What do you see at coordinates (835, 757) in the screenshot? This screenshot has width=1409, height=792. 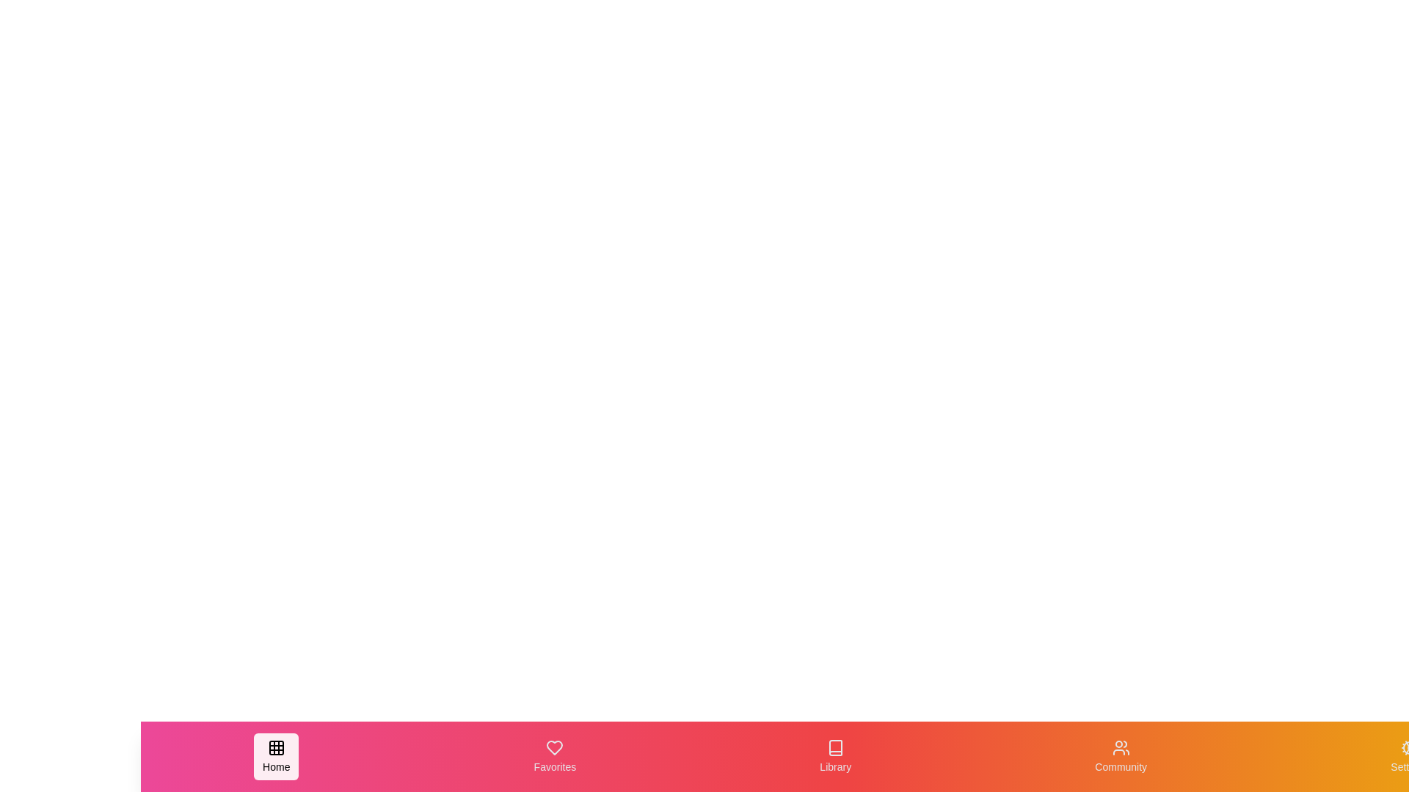 I see `the navigation tab labeled Library` at bounding box center [835, 757].